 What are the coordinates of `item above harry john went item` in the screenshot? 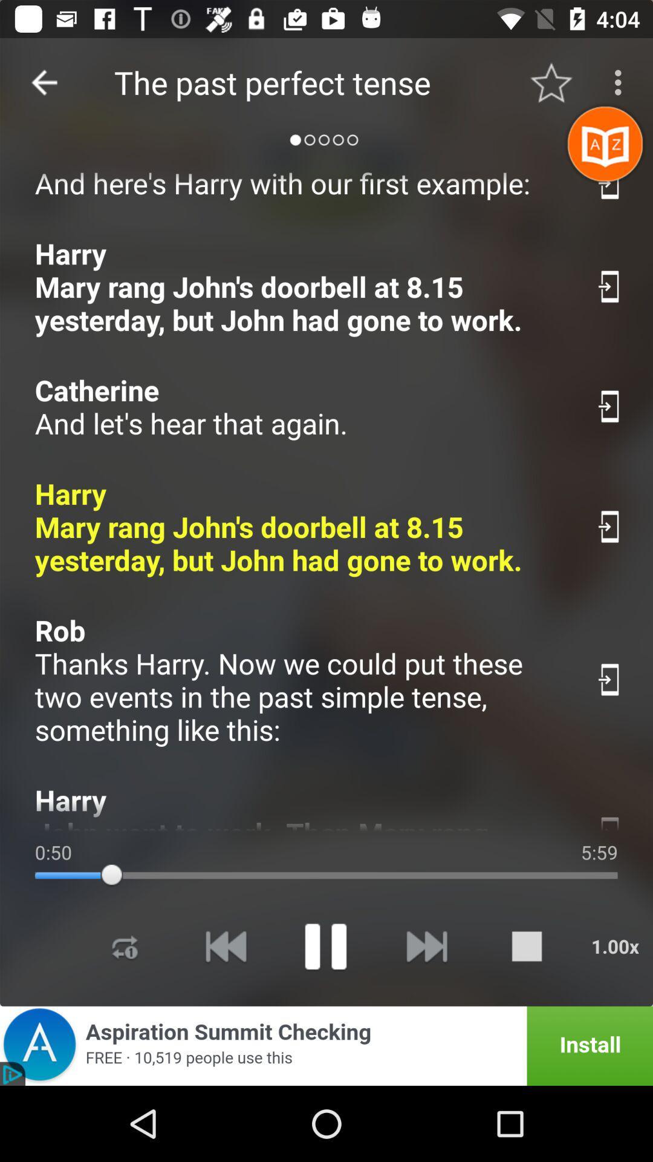 It's located at (302, 680).